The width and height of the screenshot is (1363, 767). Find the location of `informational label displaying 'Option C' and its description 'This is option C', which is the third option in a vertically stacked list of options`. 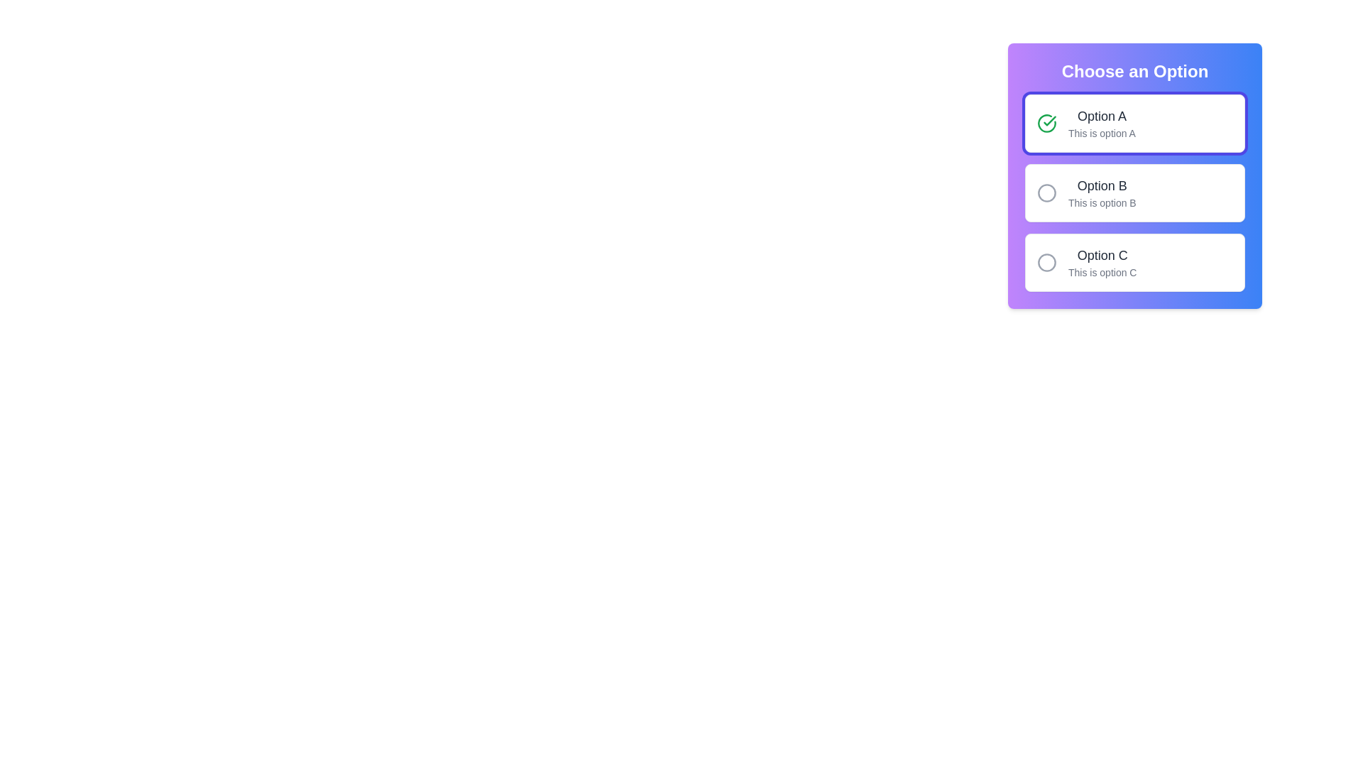

informational label displaying 'Option C' and its description 'This is option C', which is the third option in a vertically stacked list of options is located at coordinates (1102, 263).